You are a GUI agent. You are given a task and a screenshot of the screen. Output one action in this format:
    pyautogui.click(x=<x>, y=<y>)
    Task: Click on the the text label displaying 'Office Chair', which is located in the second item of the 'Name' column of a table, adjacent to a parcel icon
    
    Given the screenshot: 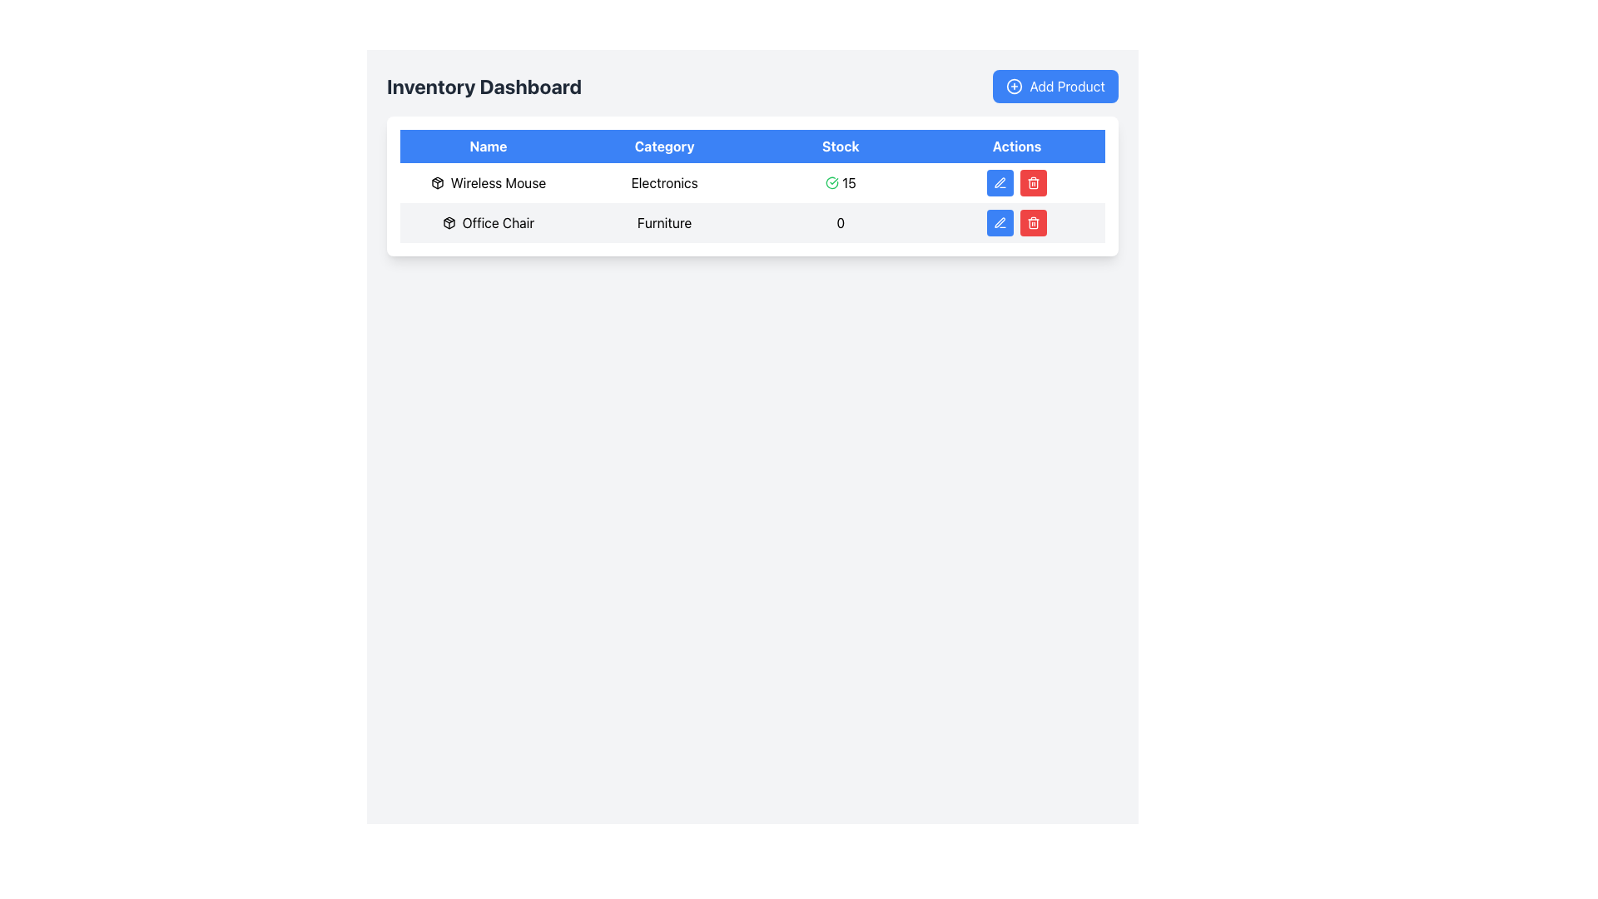 What is the action you would take?
    pyautogui.click(x=497, y=221)
    